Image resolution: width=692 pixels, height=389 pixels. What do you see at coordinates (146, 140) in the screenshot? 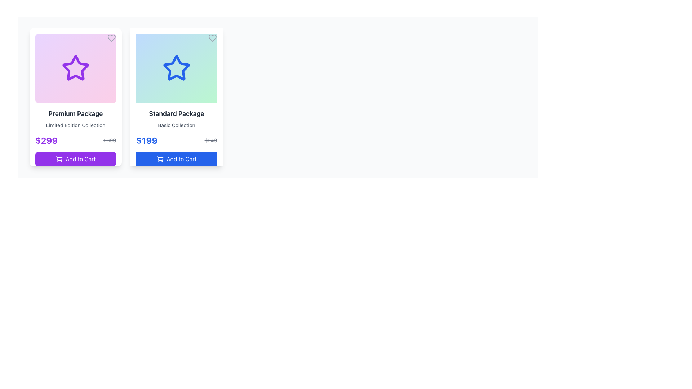
I see `the price label displaying '$199' in a bold blue font, located above the 'Add to Cart' button in the 'Standard Package' card` at bounding box center [146, 140].